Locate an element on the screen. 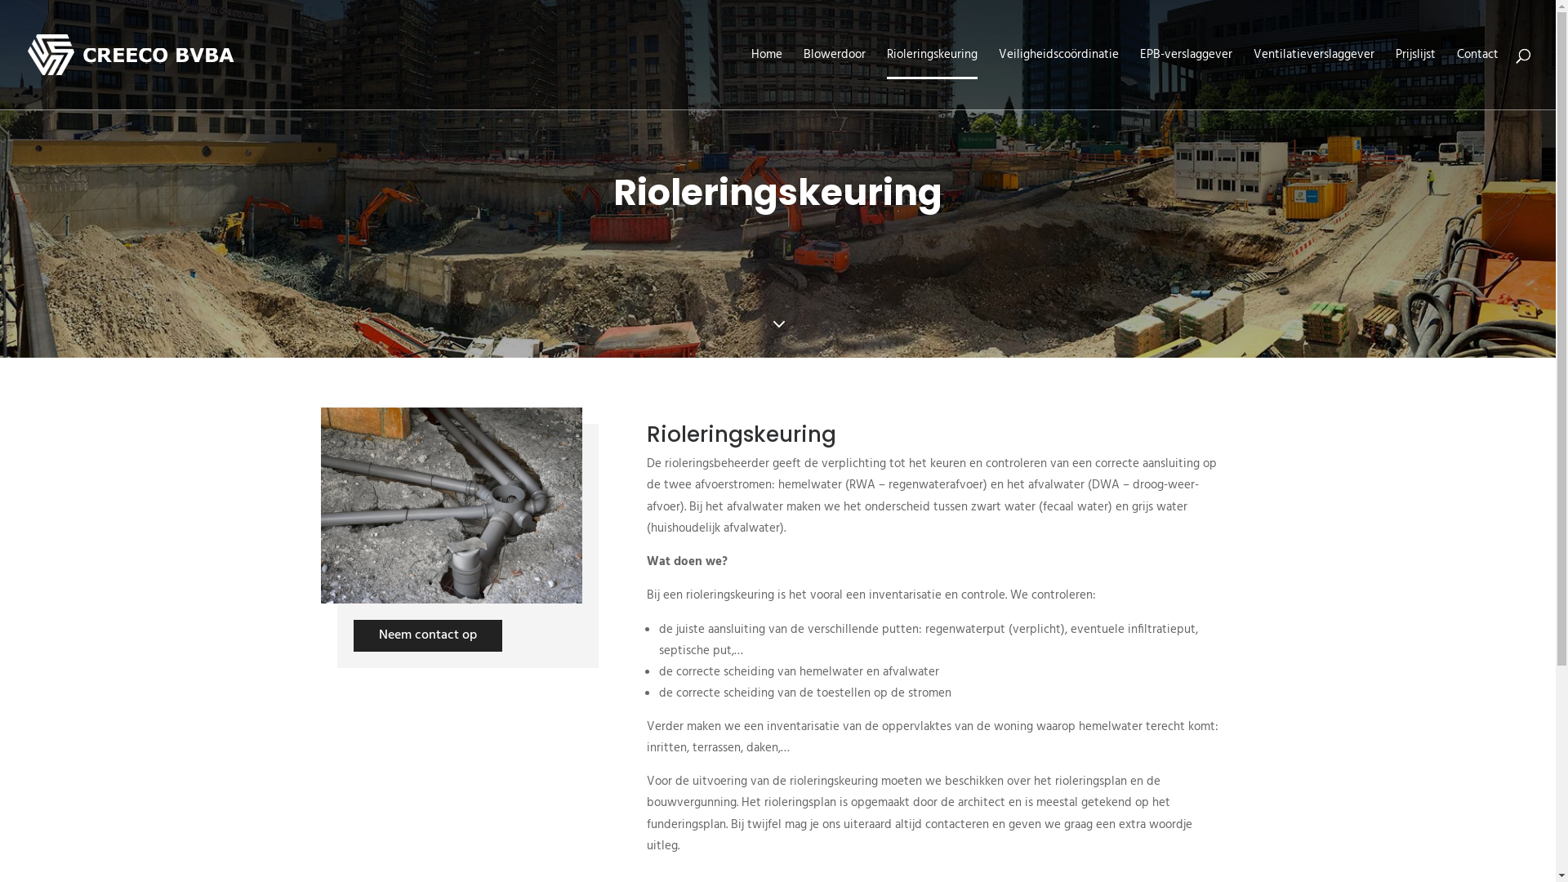 The height and width of the screenshot is (882, 1568). 'Rioleringskeuring' is located at coordinates (932, 78).